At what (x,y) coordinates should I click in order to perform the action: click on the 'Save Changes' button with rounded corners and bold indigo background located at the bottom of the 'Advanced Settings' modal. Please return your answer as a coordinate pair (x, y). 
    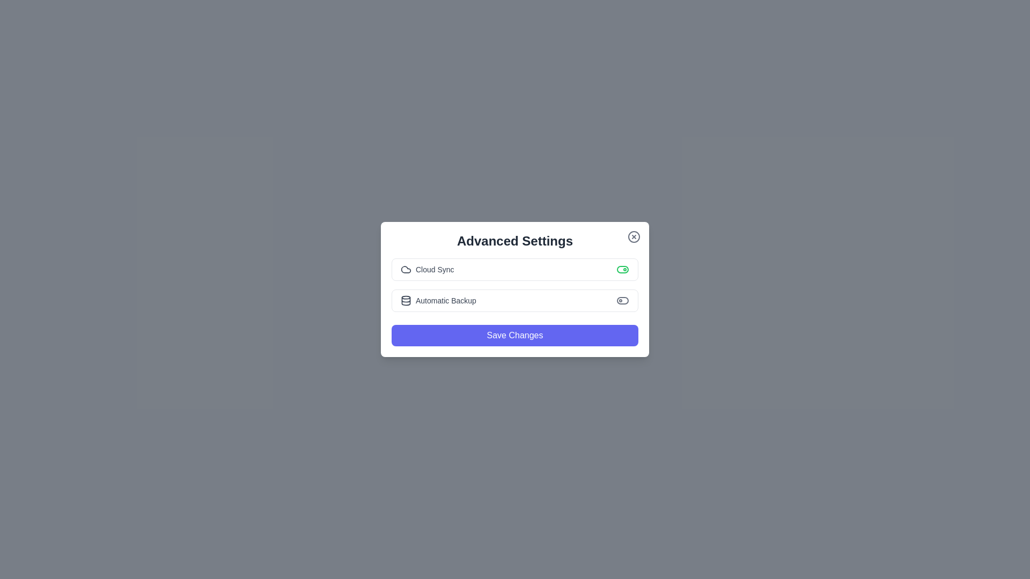
    Looking at the image, I should click on (515, 335).